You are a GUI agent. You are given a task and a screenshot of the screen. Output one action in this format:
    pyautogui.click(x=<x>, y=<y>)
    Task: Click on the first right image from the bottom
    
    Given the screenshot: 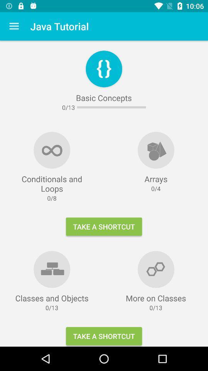 What is the action you would take?
    pyautogui.click(x=156, y=269)
    